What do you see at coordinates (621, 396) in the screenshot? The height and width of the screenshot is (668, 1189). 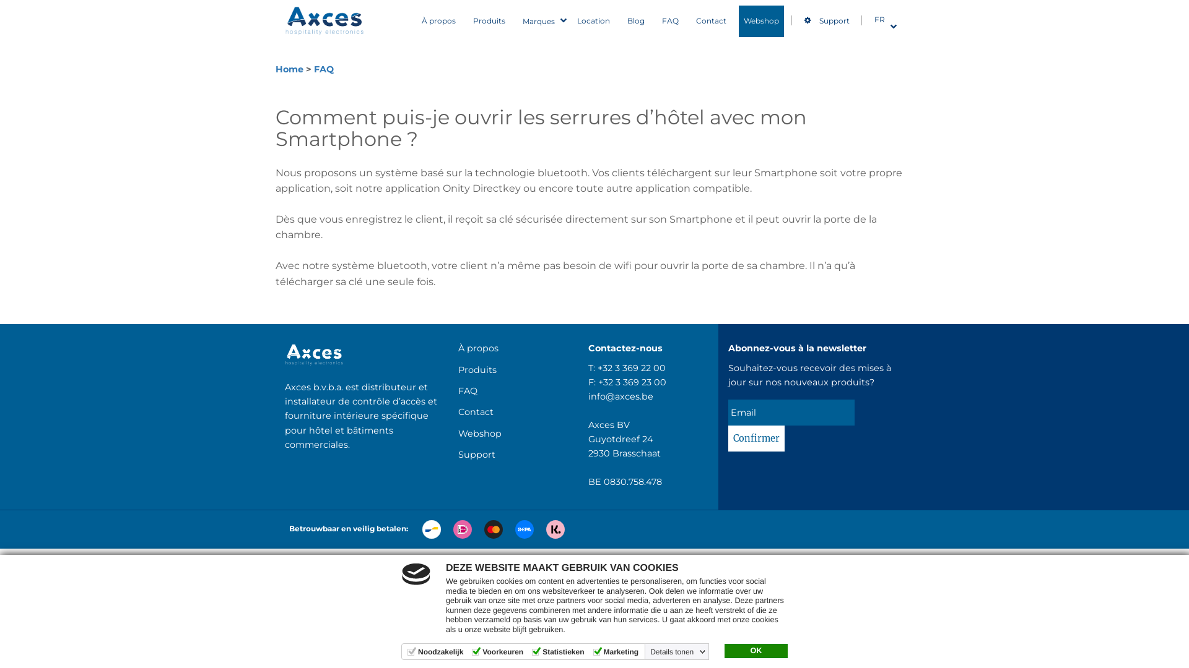 I see `'info@axces.be'` at bounding box center [621, 396].